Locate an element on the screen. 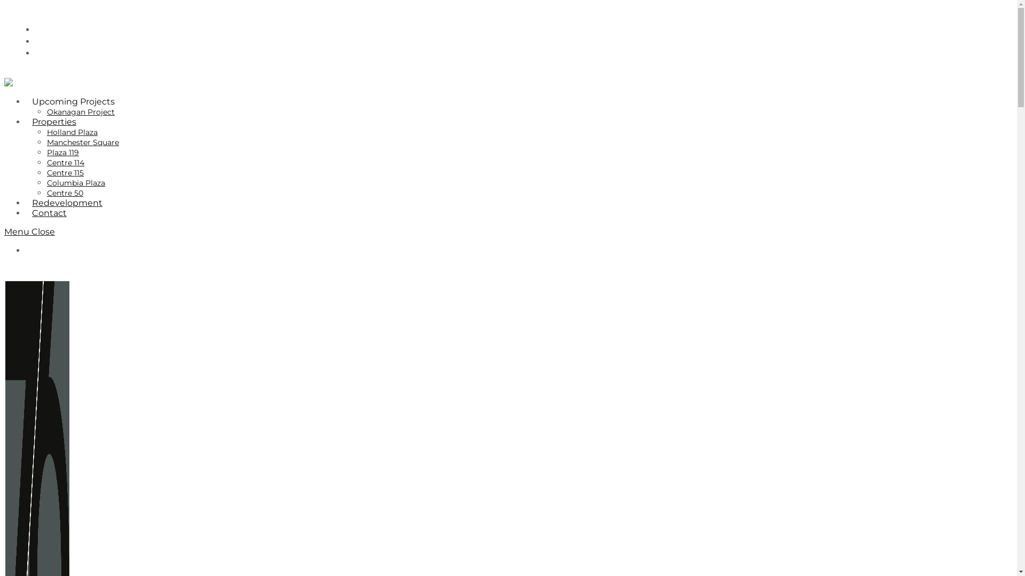 The image size is (1025, 576). 'Centre 114' is located at coordinates (65, 162).